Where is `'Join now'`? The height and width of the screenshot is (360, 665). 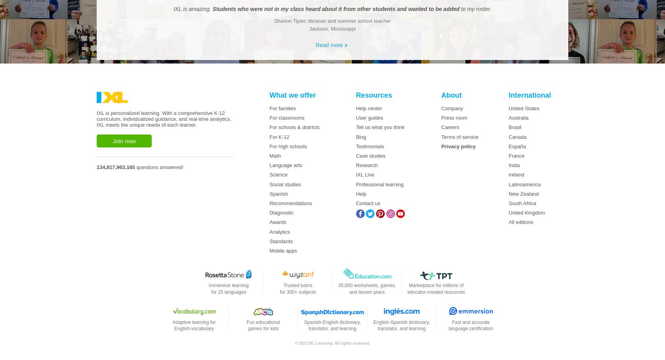 'Join now' is located at coordinates (123, 141).